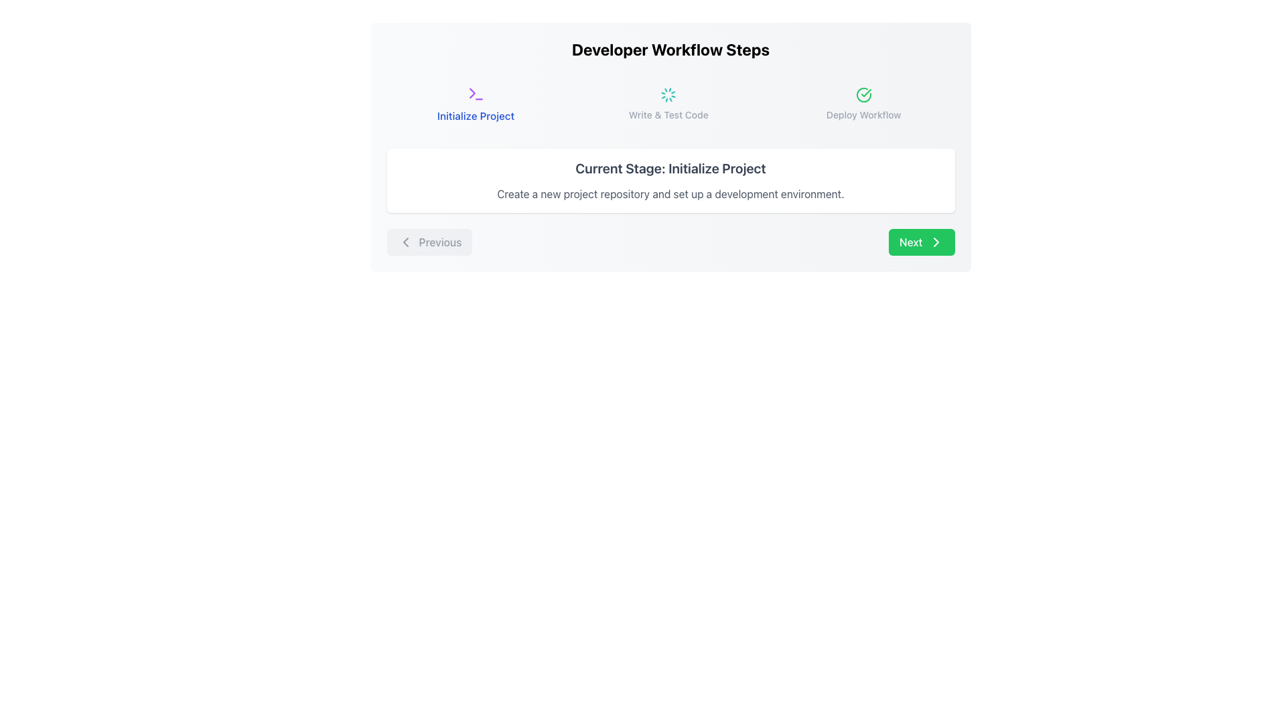 Image resolution: width=1286 pixels, height=723 pixels. Describe the element at coordinates (670, 103) in the screenshot. I see `the second workflow step indicator` at that location.